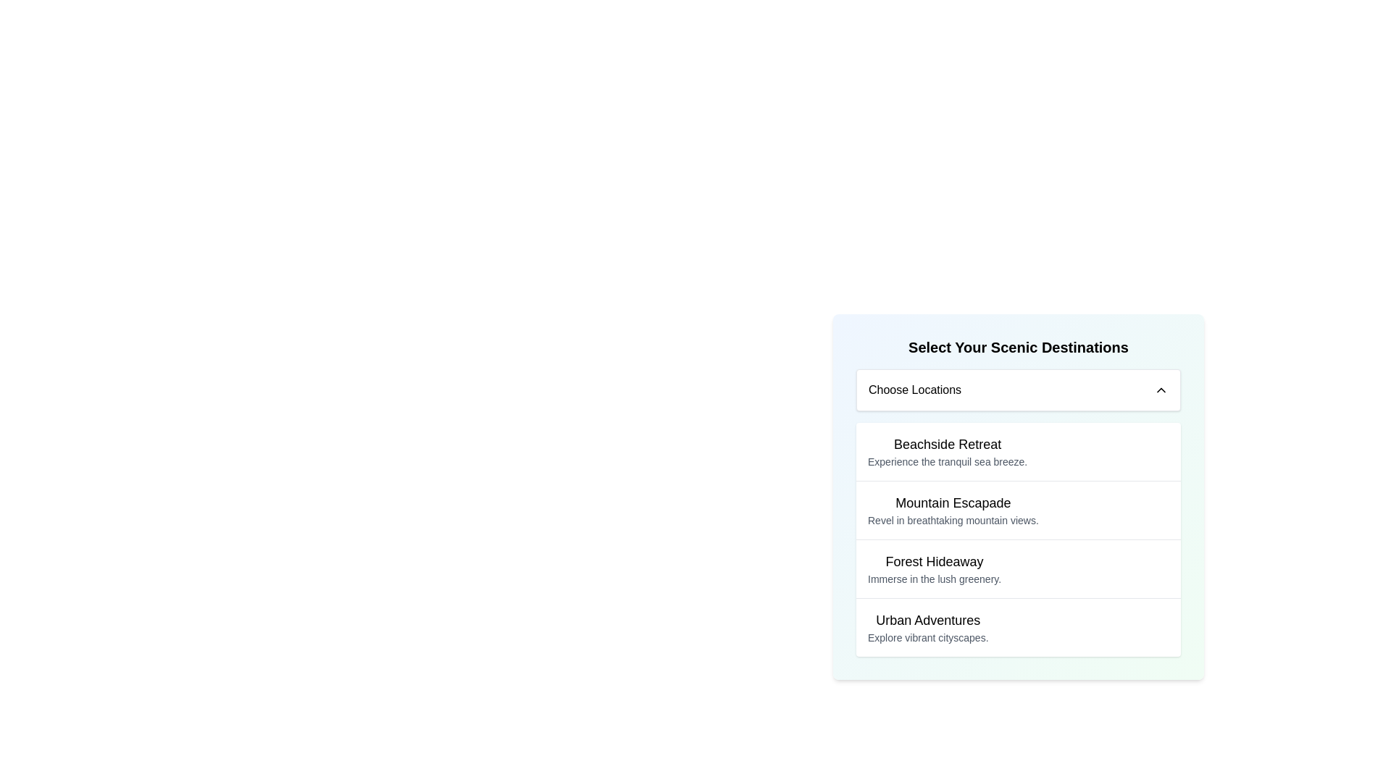 The height and width of the screenshot is (782, 1391). I want to click on the first selectable list item displaying 'Beachside Retreat' with the subtitle 'Experience the tranquil sea breeze', so click(1018, 451).